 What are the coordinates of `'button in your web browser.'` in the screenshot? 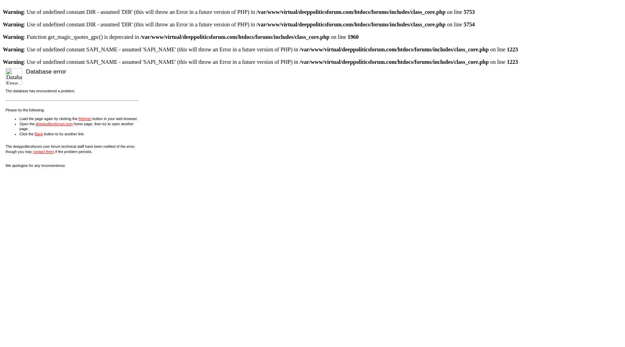 It's located at (114, 118).